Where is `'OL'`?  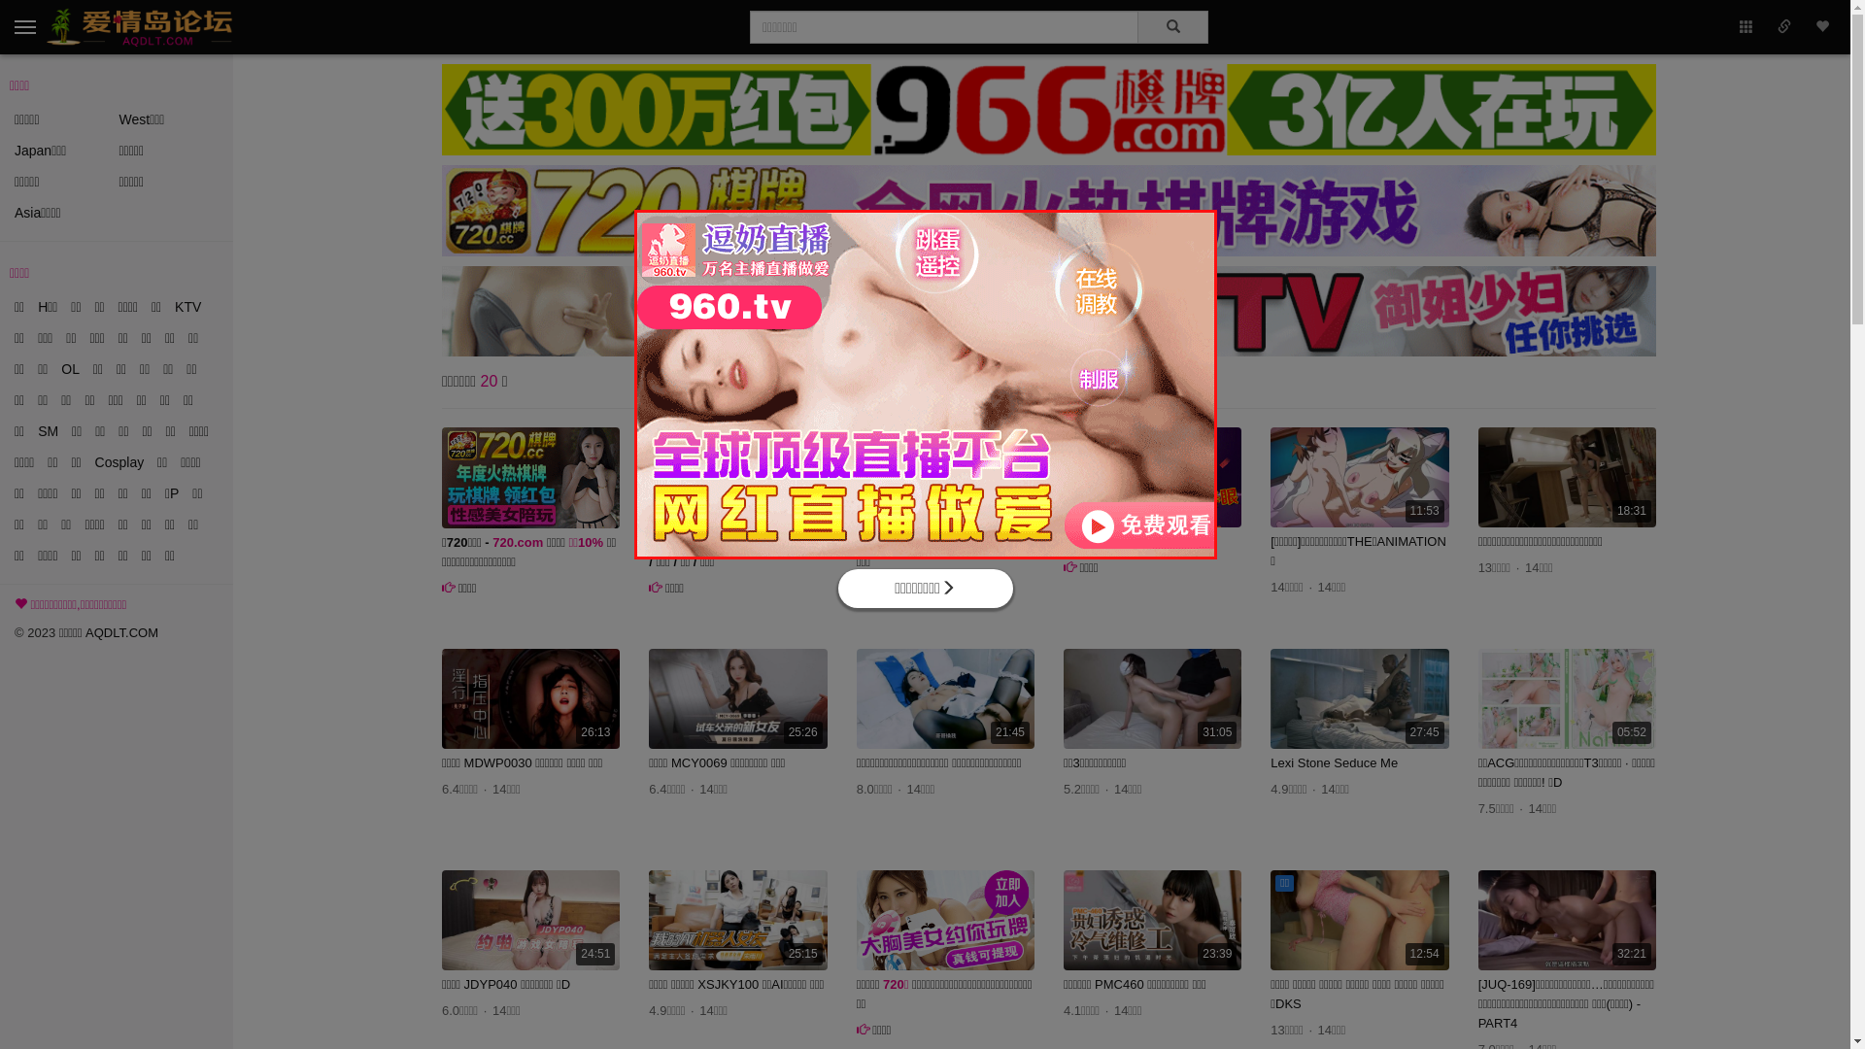
'OL' is located at coordinates (70, 369).